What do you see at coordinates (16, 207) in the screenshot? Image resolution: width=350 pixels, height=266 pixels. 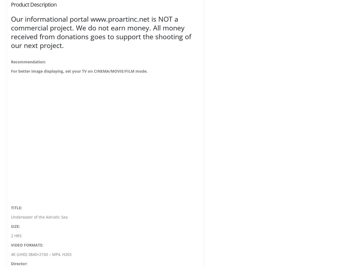 I see `'TITLE:'` at bounding box center [16, 207].